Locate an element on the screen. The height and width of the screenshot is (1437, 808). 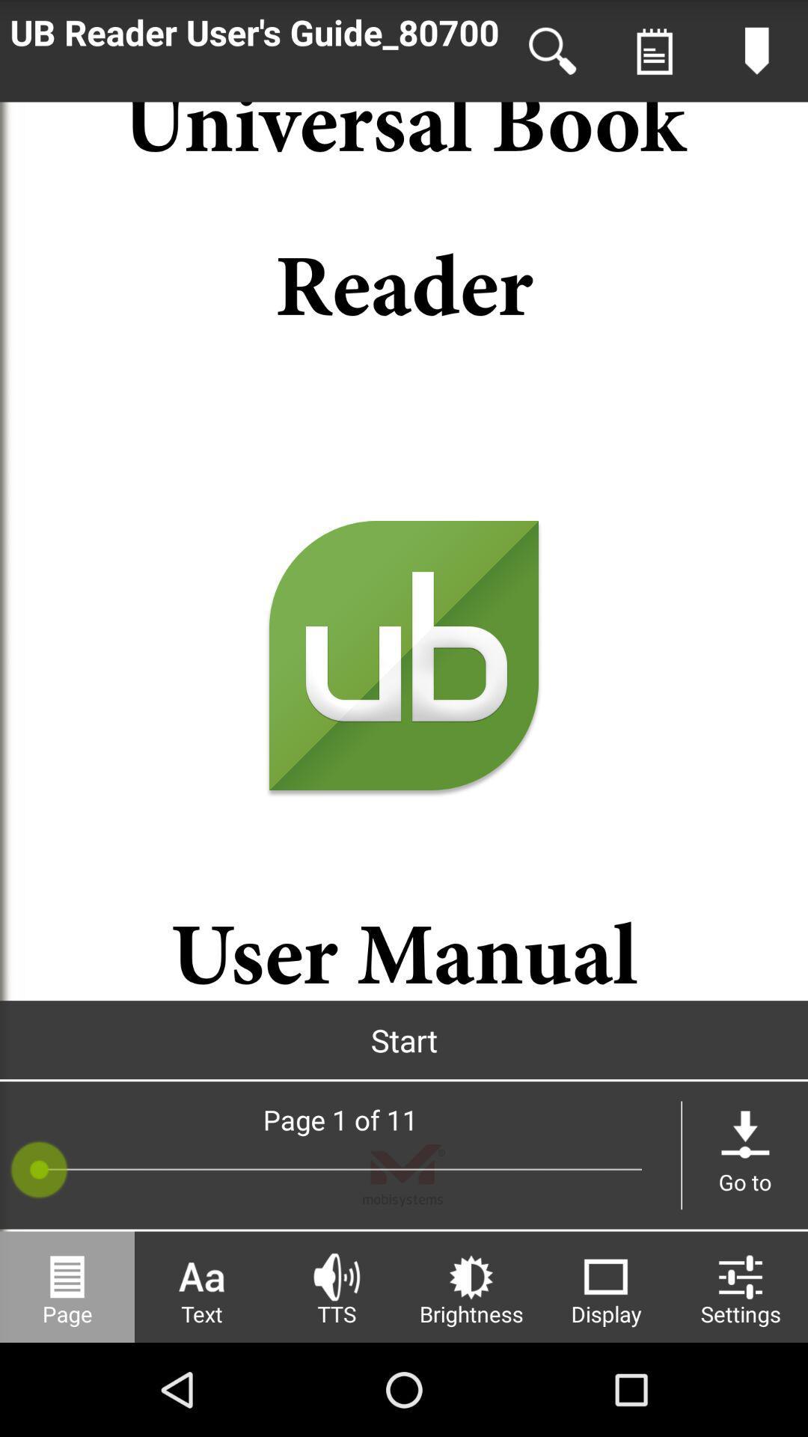
the last button in the menu bar is located at coordinates (741, 1286).